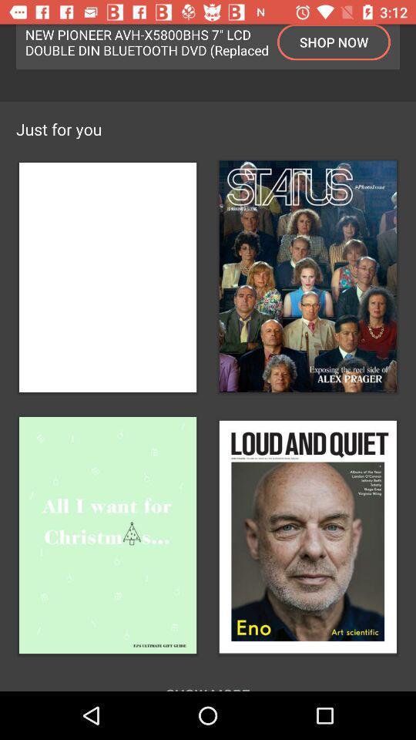  What do you see at coordinates (147, 41) in the screenshot?
I see `the new pioneer avh icon` at bounding box center [147, 41].